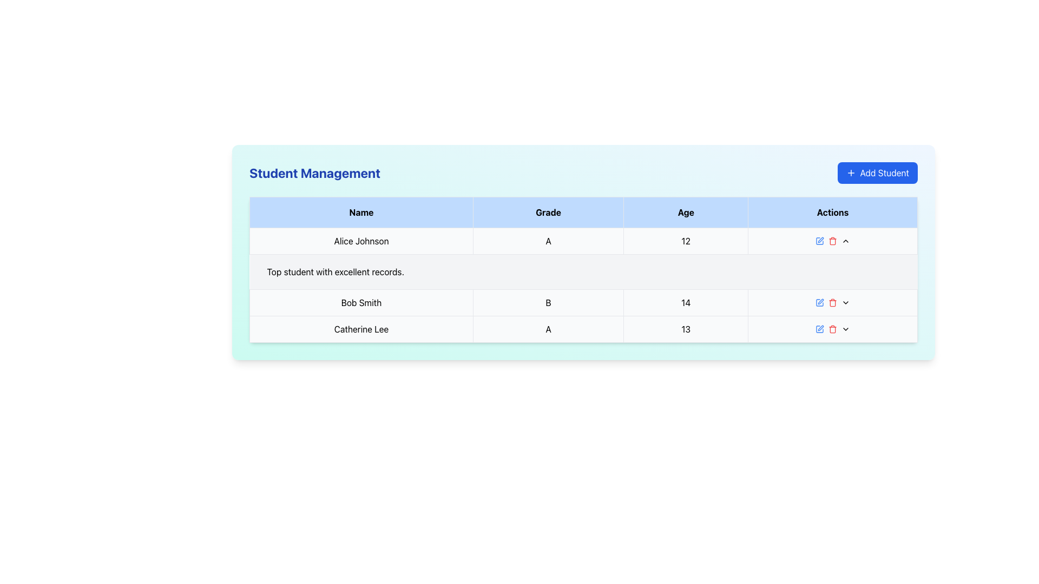 Image resolution: width=1039 pixels, height=584 pixels. What do you see at coordinates (877, 172) in the screenshot?
I see `the blue rectangular button with rounded corners and white text reading 'Add Student'` at bounding box center [877, 172].